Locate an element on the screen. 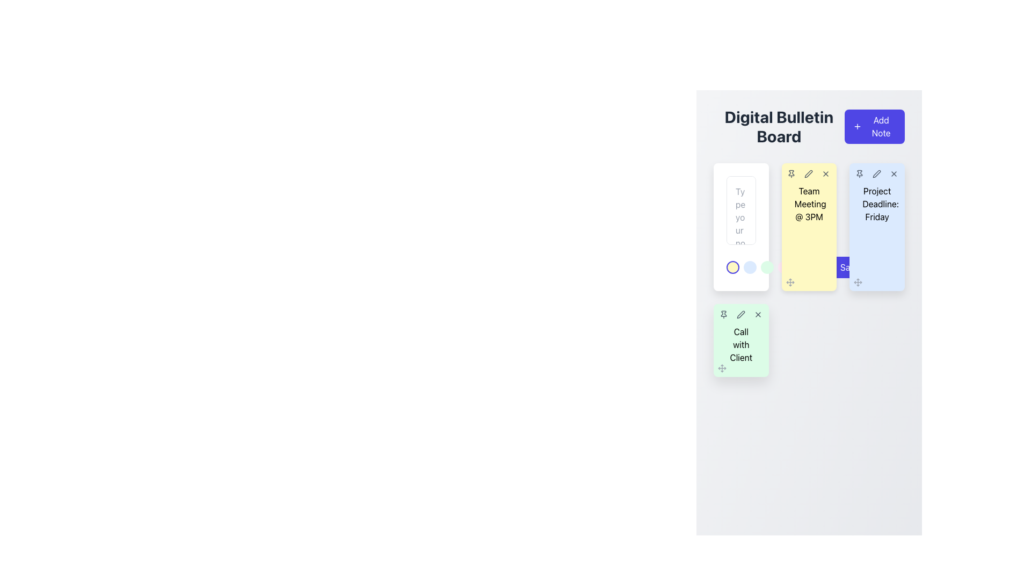 The width and height of the screenshot is (1031, 580). the small circular gray button with a pen icon located at the top-right of the 'Team Meeting @ 3PM' note is located at coordinates (809, 173).